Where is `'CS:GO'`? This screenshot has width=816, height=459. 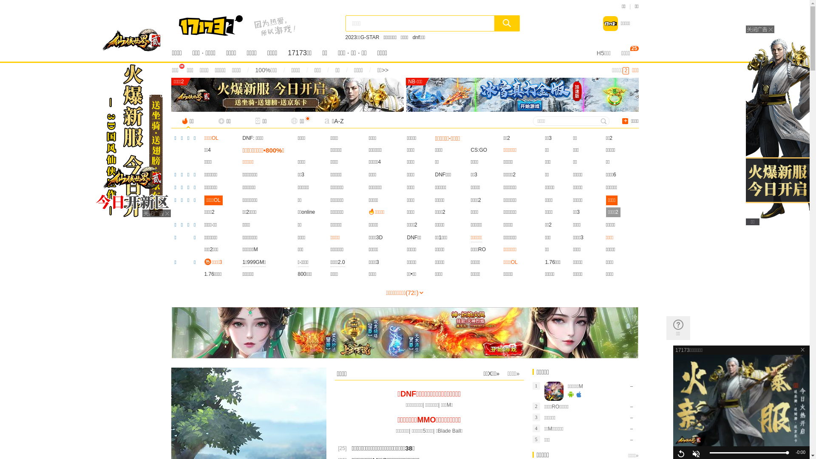 'CS:GO' is located at coordinates (479, 150).